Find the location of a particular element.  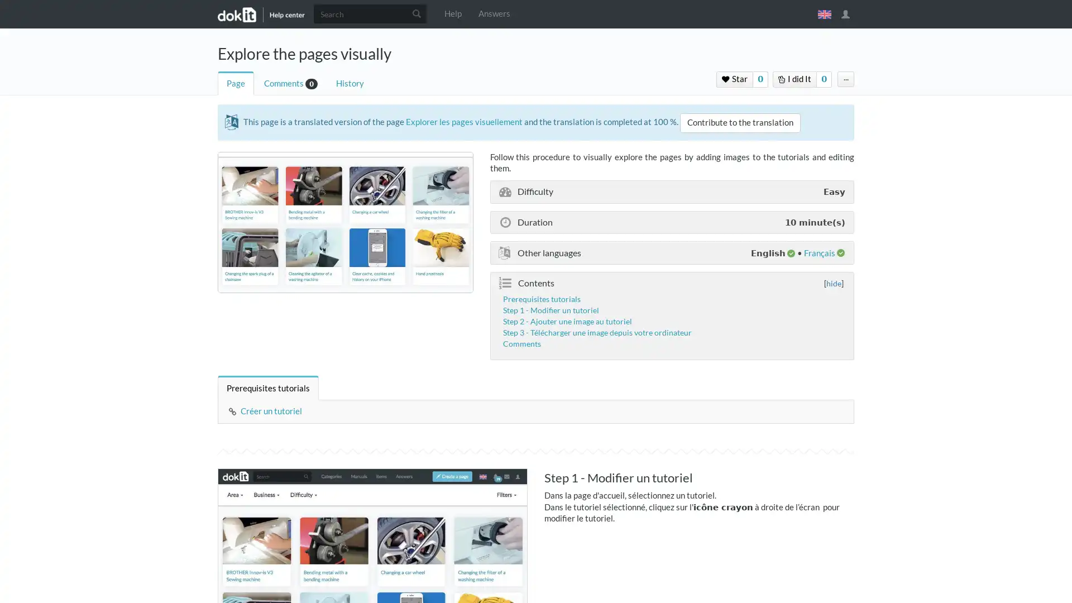

Star is located at coordinates (734, 79).